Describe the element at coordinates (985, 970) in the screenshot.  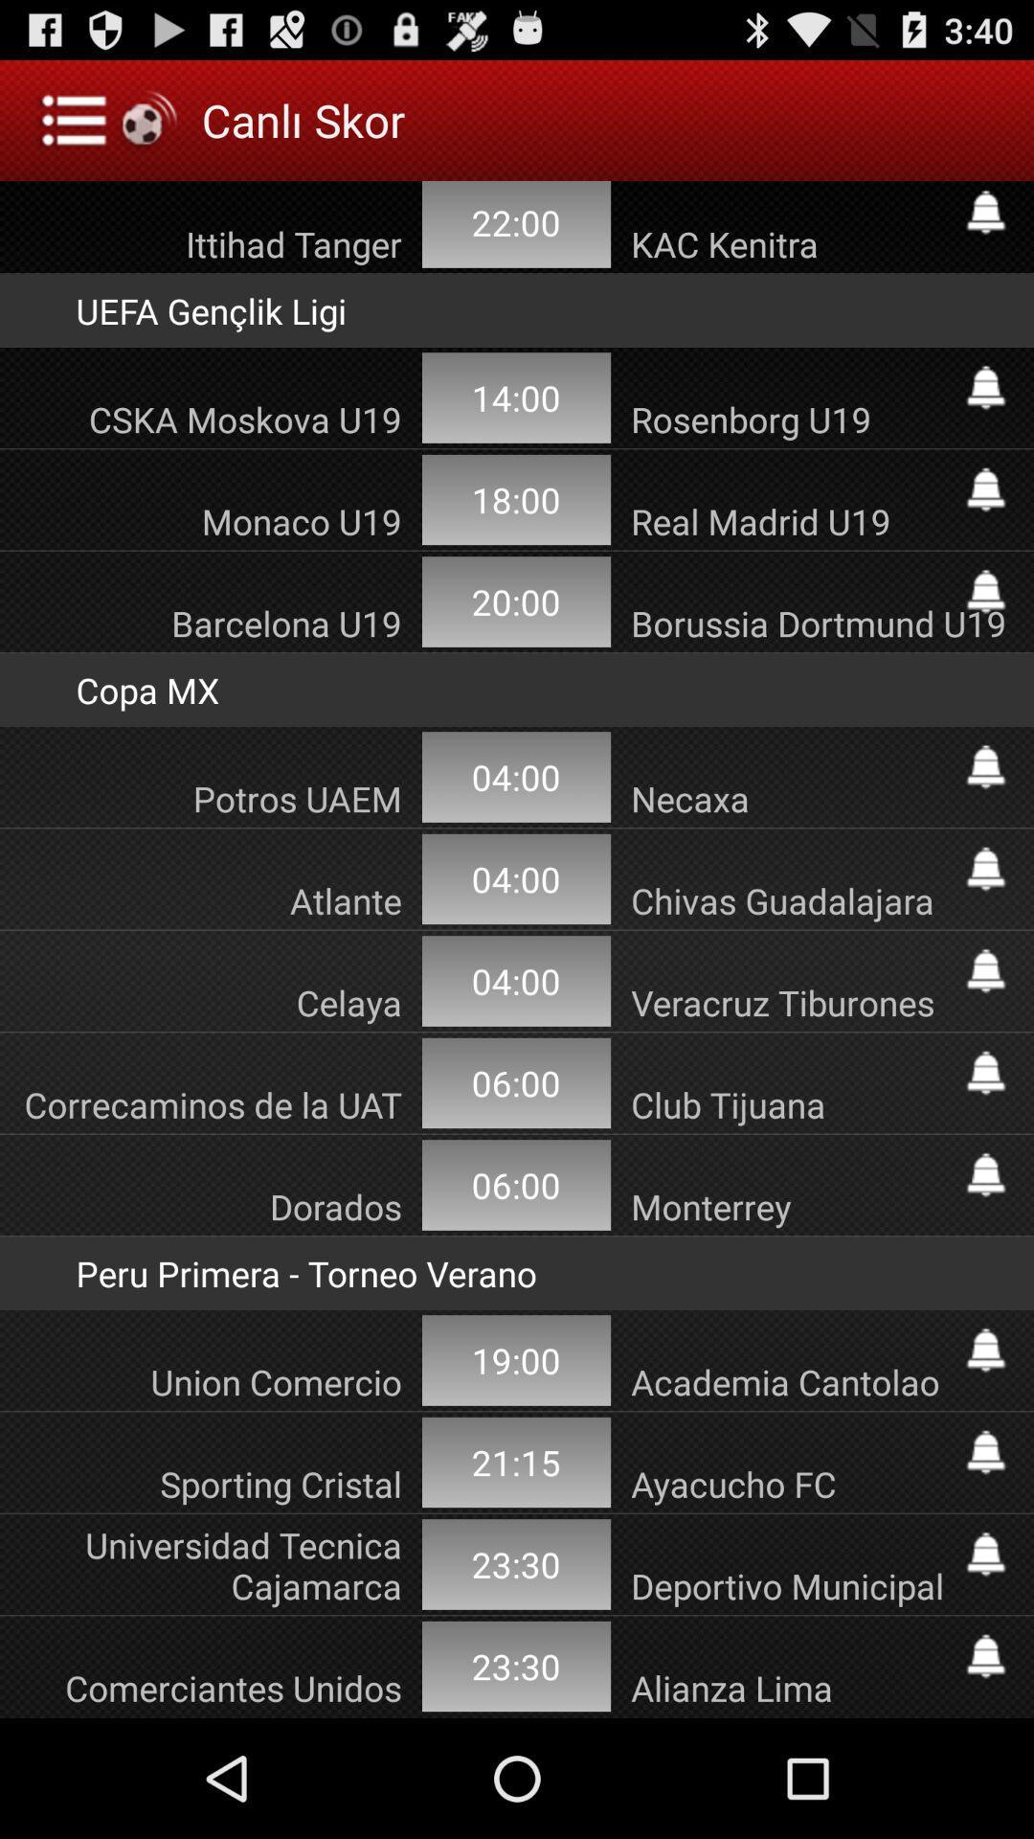
I see `turn on alerts` at that location.